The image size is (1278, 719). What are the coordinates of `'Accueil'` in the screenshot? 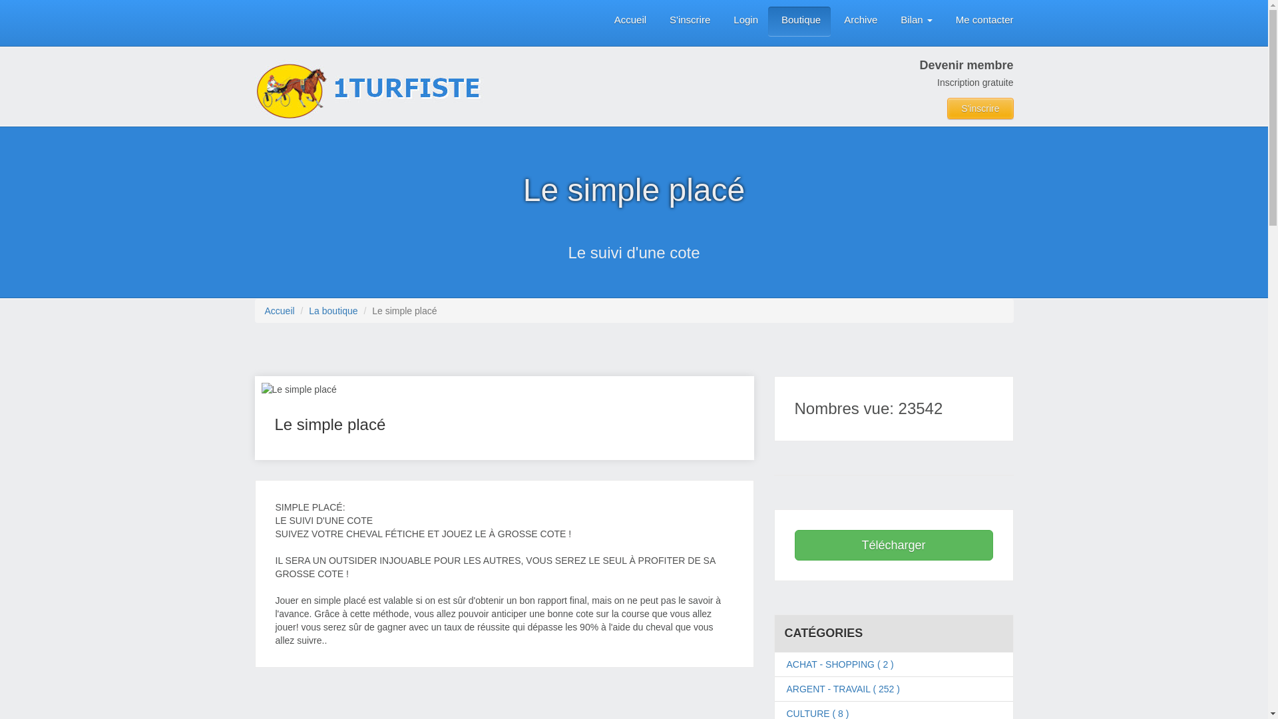 It's located at (628, 21).